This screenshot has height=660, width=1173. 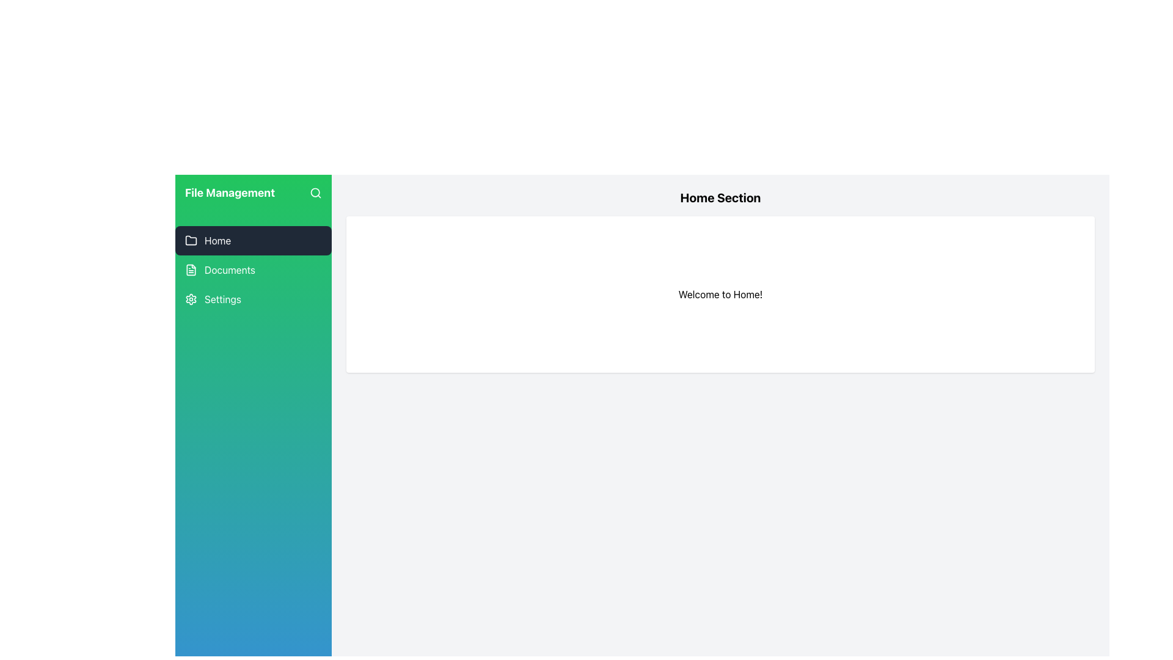 I want to click on the 'Documents' navigation link located in the sidebar menu, so click(x=252, y=269).